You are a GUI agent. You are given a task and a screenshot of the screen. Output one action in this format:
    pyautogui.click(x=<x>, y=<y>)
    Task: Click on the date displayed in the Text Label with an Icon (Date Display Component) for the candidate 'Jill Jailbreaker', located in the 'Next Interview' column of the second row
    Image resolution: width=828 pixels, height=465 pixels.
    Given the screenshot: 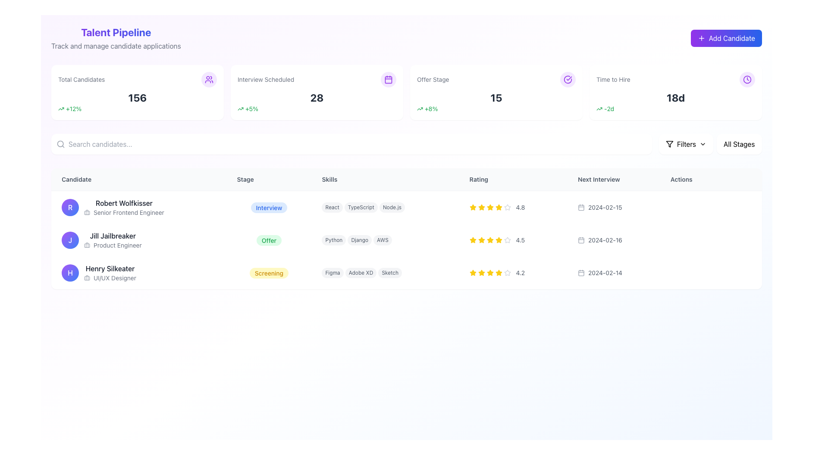 What is the action you would take?
    pyautogui.click(x=613, y=240)
    